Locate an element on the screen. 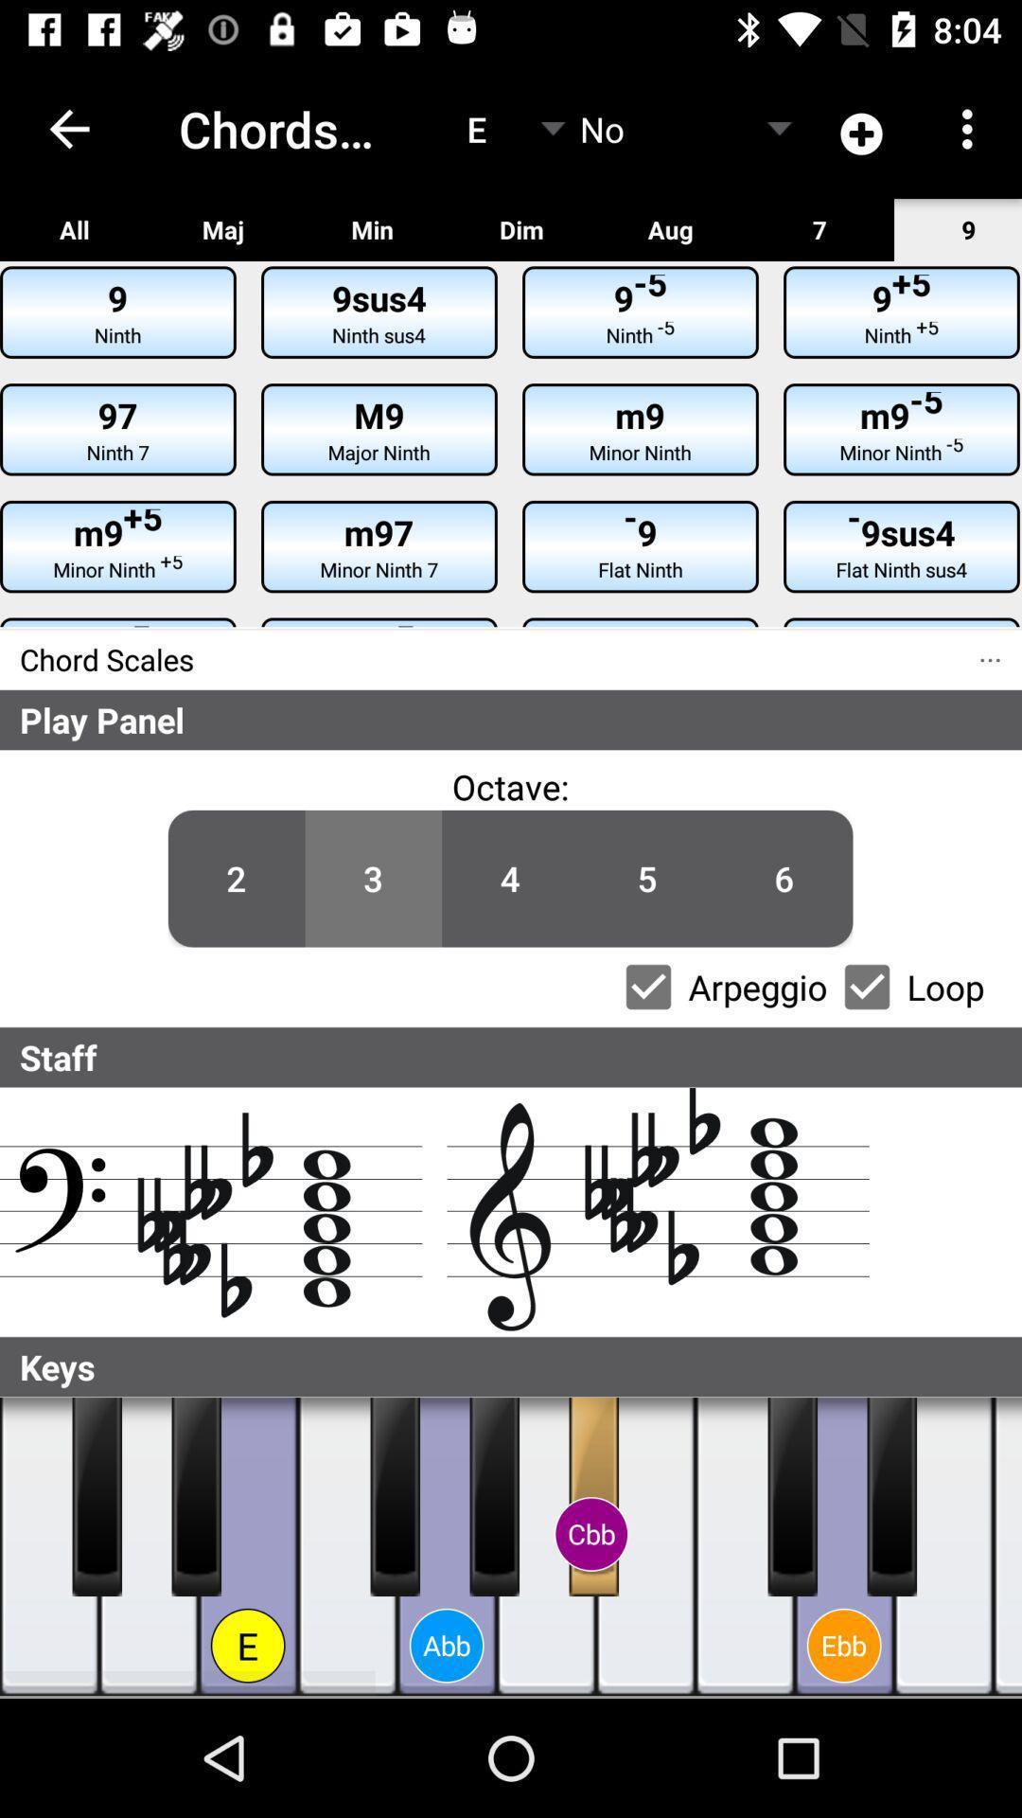  d keyboard key is located at coordinates (148, 1546).